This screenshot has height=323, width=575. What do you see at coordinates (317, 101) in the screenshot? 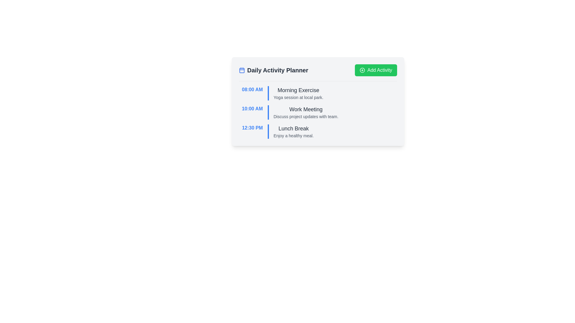
I see `the individual activity descriptions within the centrally located planner interface, which allows interaction with scheduled activities` at bounding box center [317, 101].